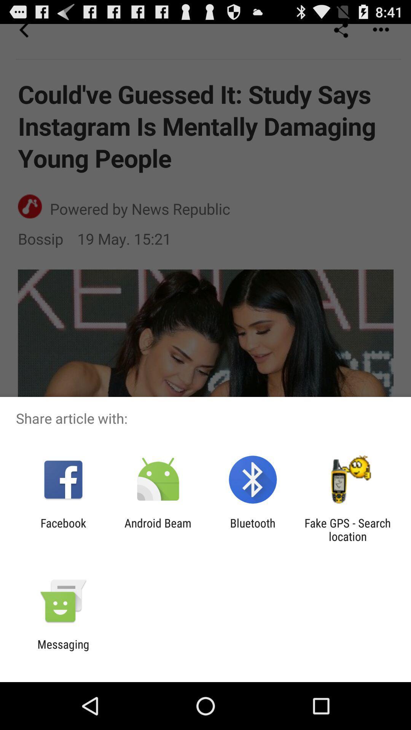 This screenshot has width=411, height=730. Describe the element at coordinates (347, 529) in the screenshot. I see `fake gps search app` at that location.